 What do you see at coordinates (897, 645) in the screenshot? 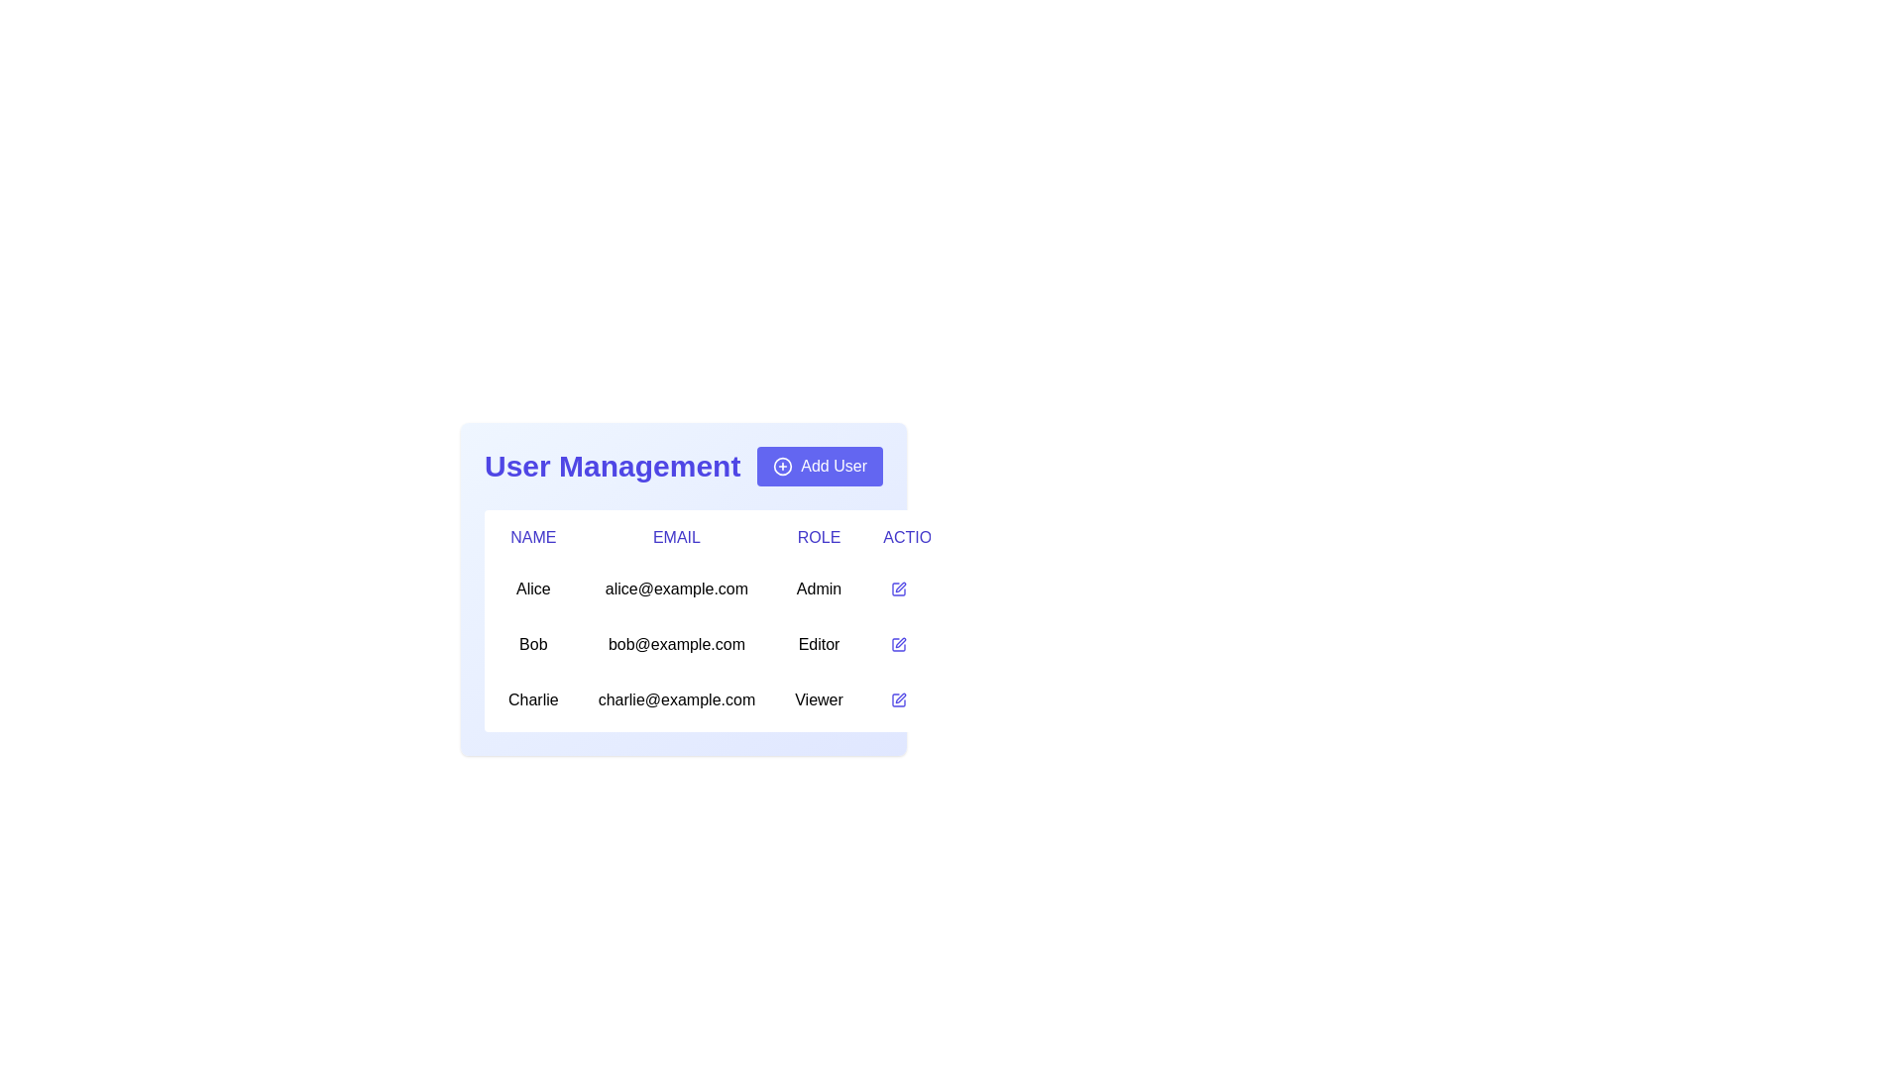
I see `the Icon Component located in the 'Actions' column of the row for user 'Bob', which is represented by a 16x16 pixel vector graphic` at bounding box center [897, 645].